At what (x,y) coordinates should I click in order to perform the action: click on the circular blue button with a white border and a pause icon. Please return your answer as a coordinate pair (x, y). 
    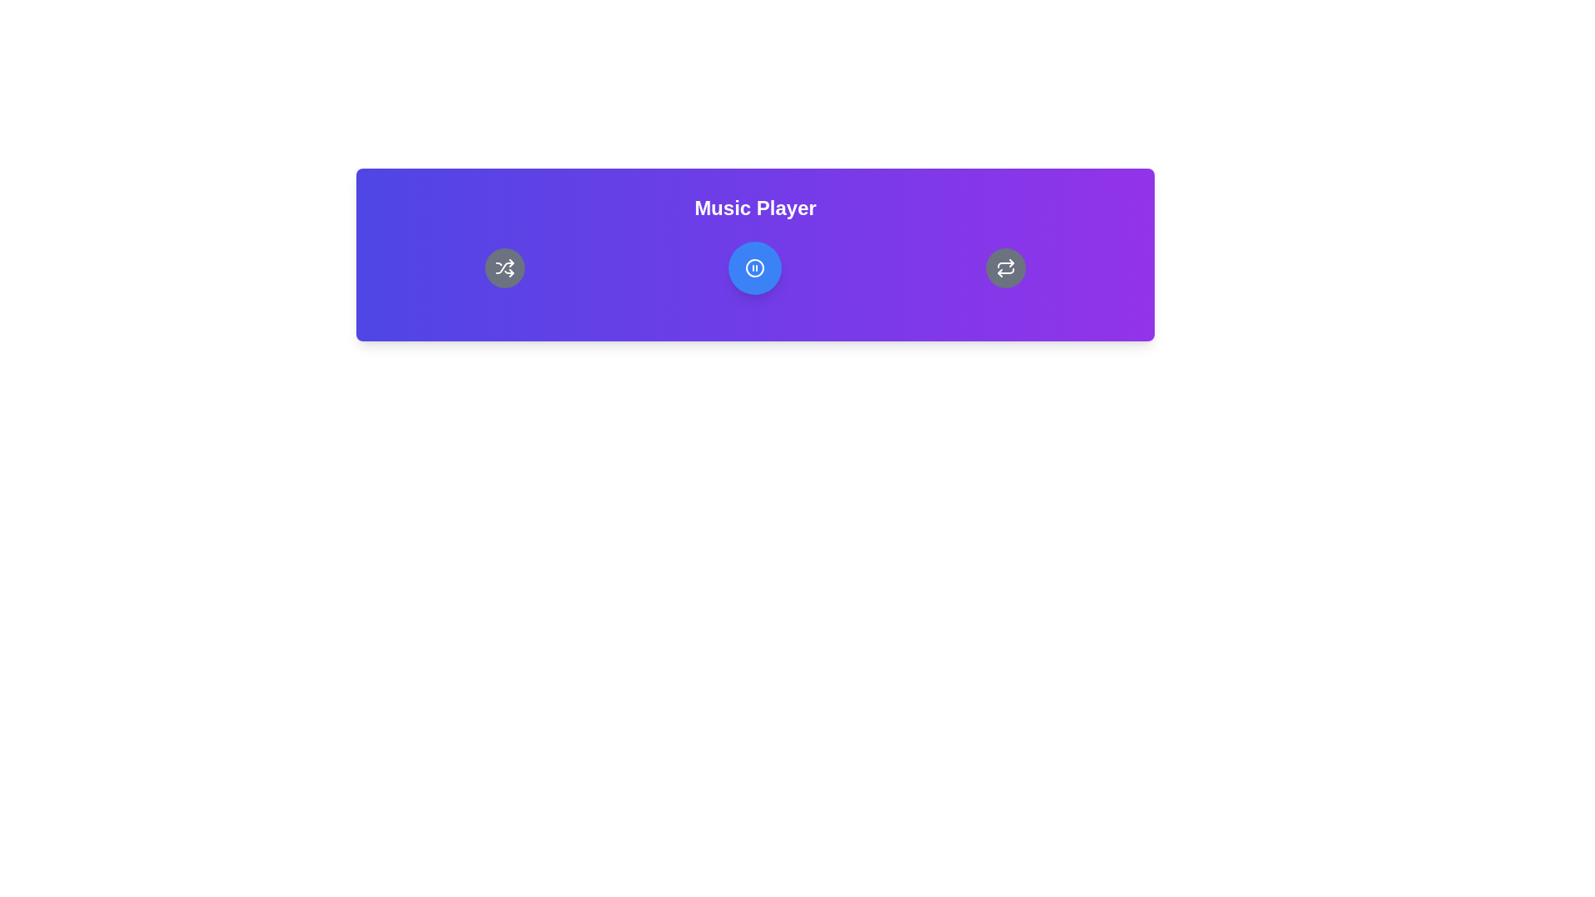
    Looking at the image, I should click on (754, 267).